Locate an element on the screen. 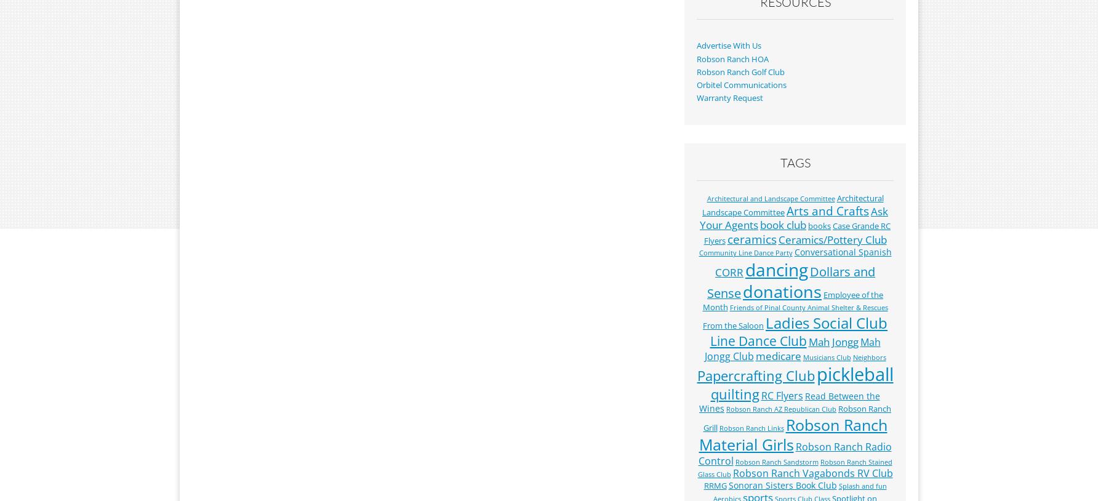 This screenshot has width=1098, height=501. 'Architectural and Landscape Committee' is located at coordinates (707, 198).